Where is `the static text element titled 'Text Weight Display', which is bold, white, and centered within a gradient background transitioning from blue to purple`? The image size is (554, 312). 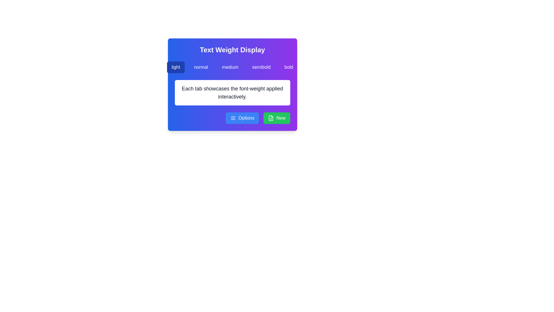
the static text element titled 'Text Weight Display', which is bold, white, and centered within a gradient background transitioning from blue to purple is located at coordinates (232, 50).